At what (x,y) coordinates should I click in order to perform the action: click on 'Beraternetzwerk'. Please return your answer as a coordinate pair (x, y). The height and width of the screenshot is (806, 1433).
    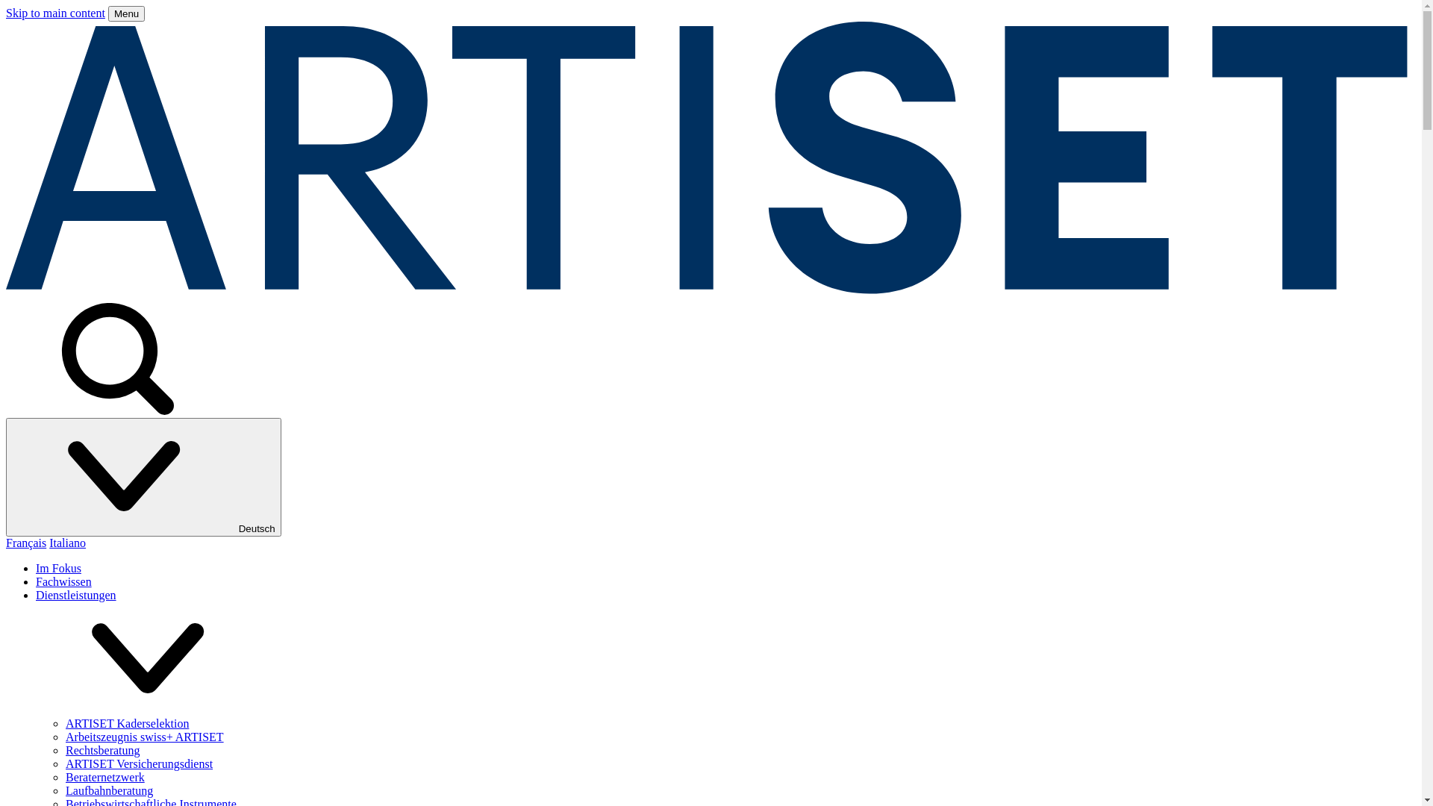
    Looking at the image, I should click on (104, 776).